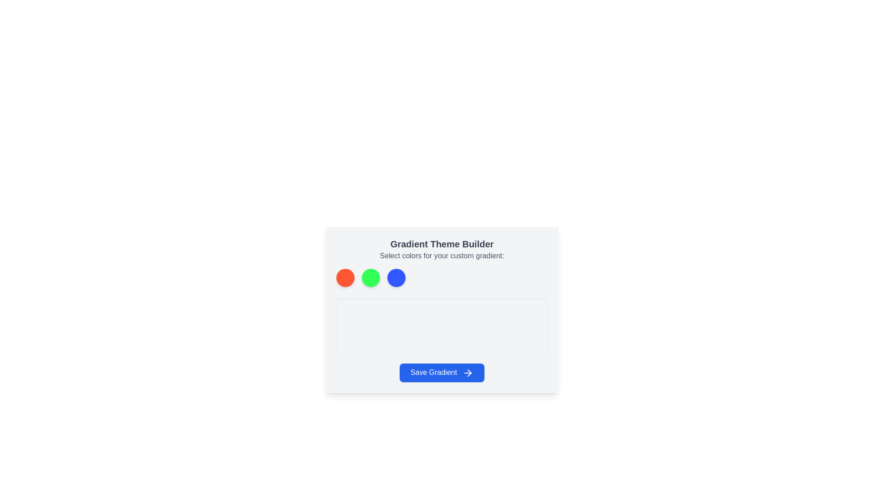 The image size is (875, 492). What do you see at coordinates (442, 326) in the screenshot?
I see `the gradient preview workspace area located within the 'Gradient Theme Builder', positioned below the circular color selectors and above the 'Save Gradient' button` at bounding box center [442, 326].